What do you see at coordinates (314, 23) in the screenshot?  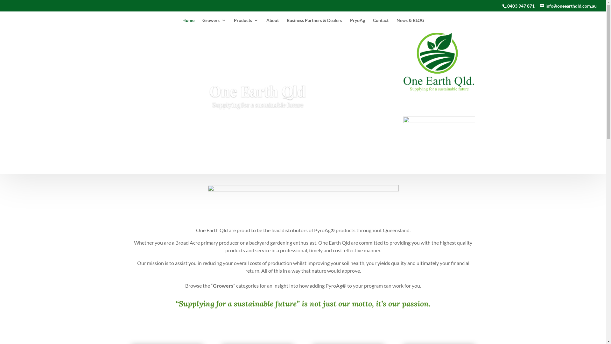 I see `'Business Partners & Dealers'` at bounding box center [314, 23].